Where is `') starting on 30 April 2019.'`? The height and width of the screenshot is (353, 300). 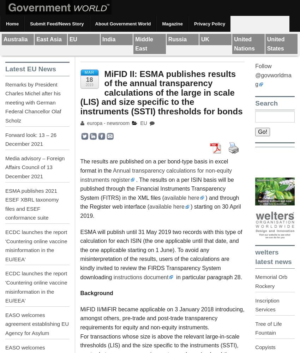
') starting on 30 April 2019.' is located at coordinates (160, 211).